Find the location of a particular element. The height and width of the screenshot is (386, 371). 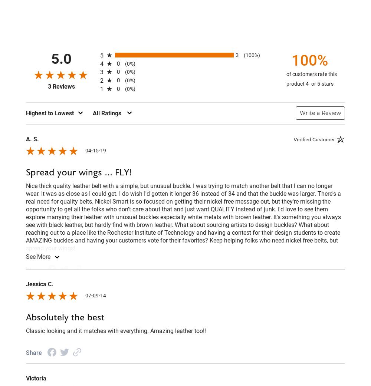

'Classic looking and it matches with everything. Amazing leather too!!' is located at coordinates (116, 330).